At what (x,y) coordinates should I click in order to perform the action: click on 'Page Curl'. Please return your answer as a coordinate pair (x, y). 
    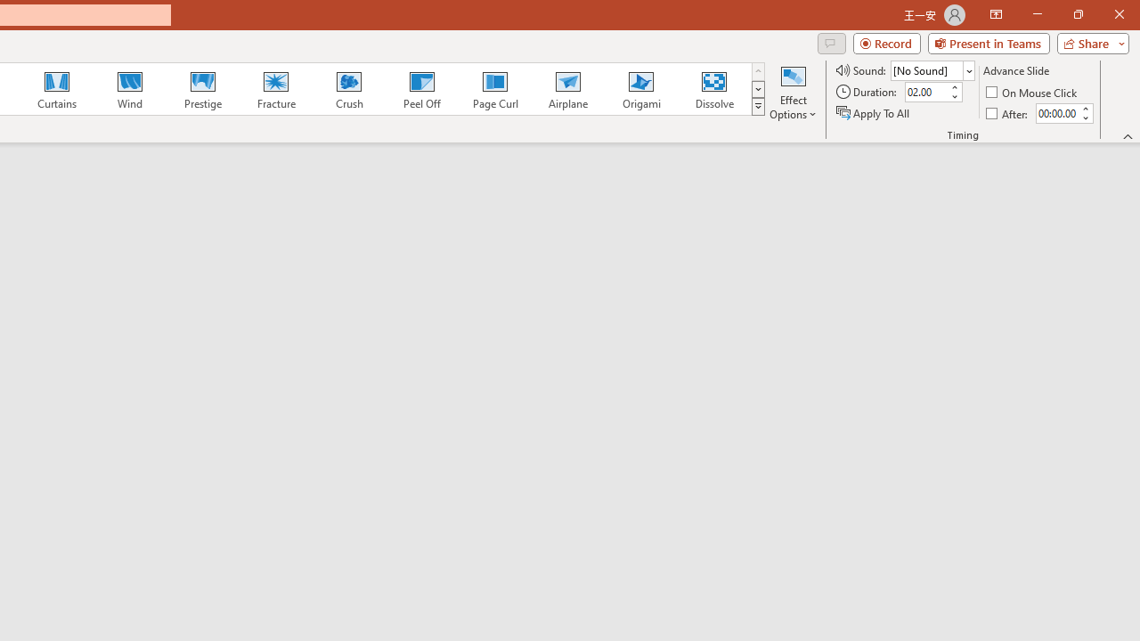
    Looking at the image, I should click on (494, 89).